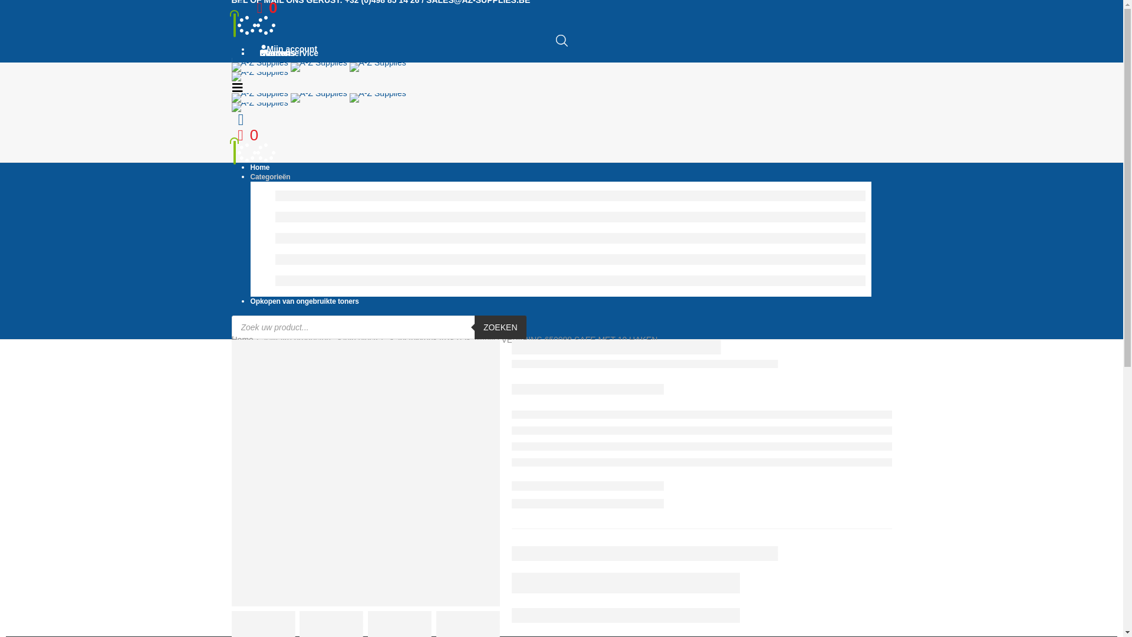  I want to click on 'Facilitaire producten', so click(294, 339).